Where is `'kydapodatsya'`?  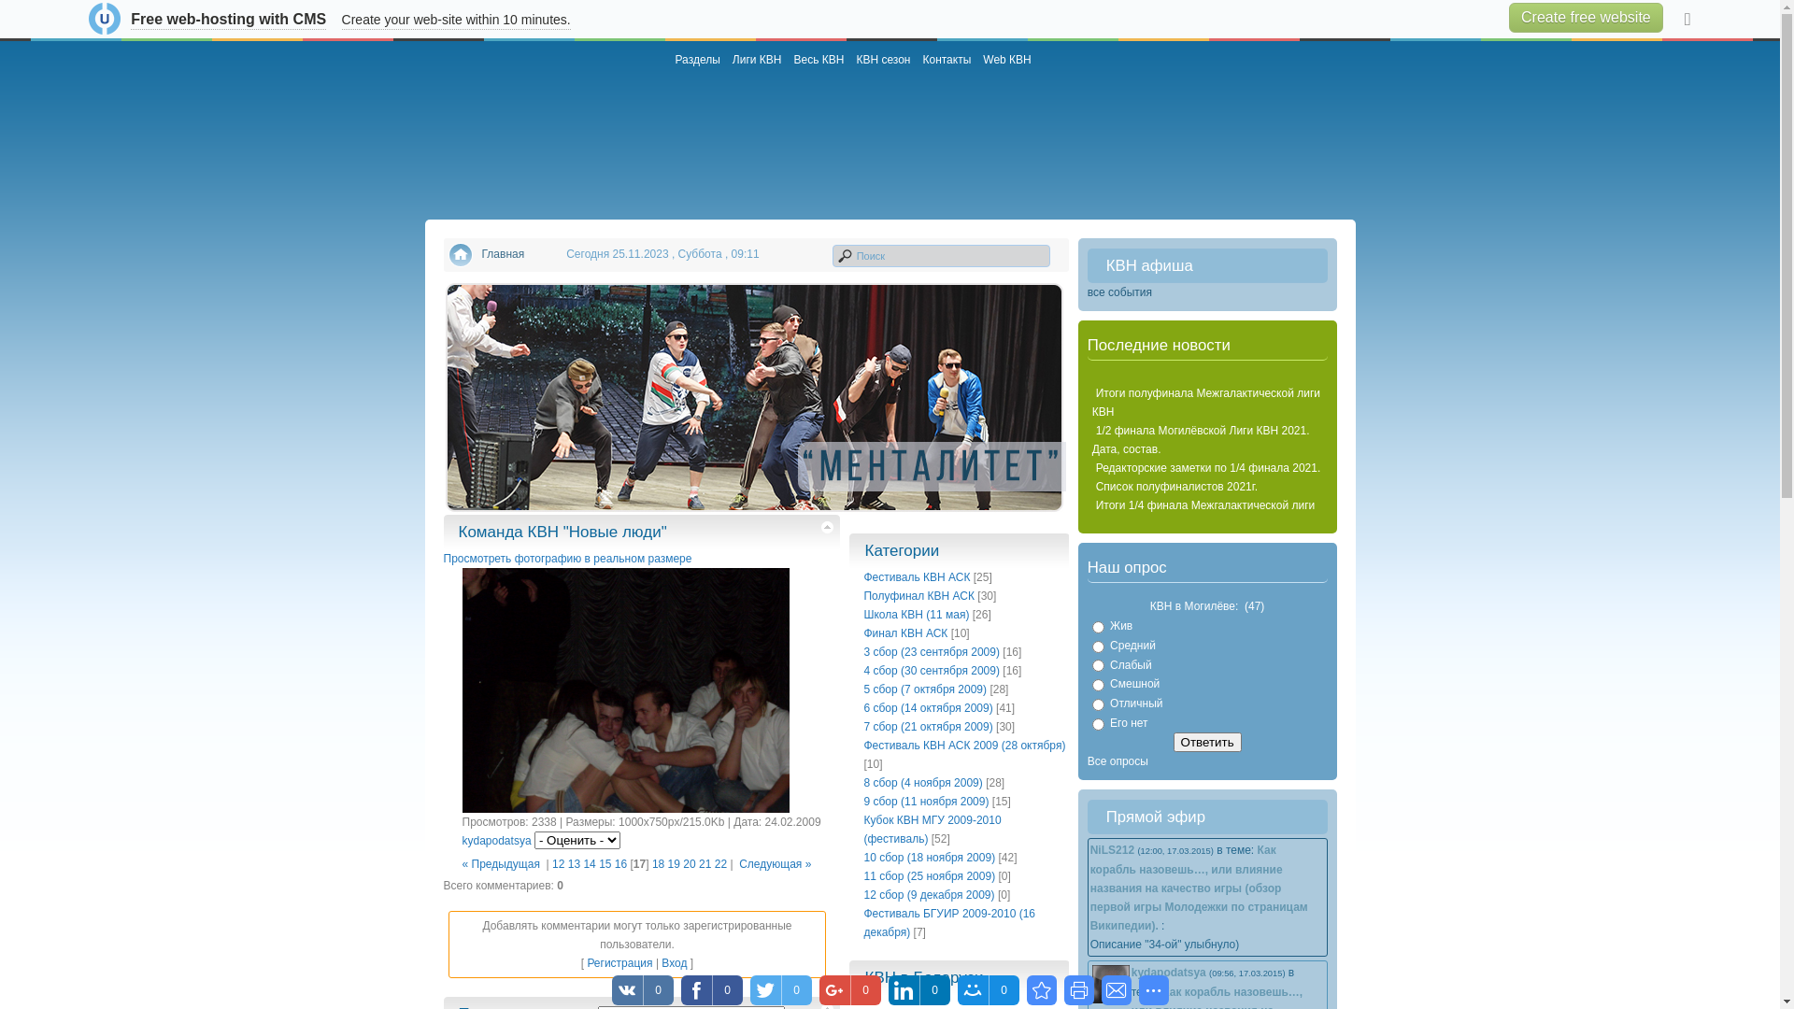
'kydapodatsya' is located at coordinates (496, 839).